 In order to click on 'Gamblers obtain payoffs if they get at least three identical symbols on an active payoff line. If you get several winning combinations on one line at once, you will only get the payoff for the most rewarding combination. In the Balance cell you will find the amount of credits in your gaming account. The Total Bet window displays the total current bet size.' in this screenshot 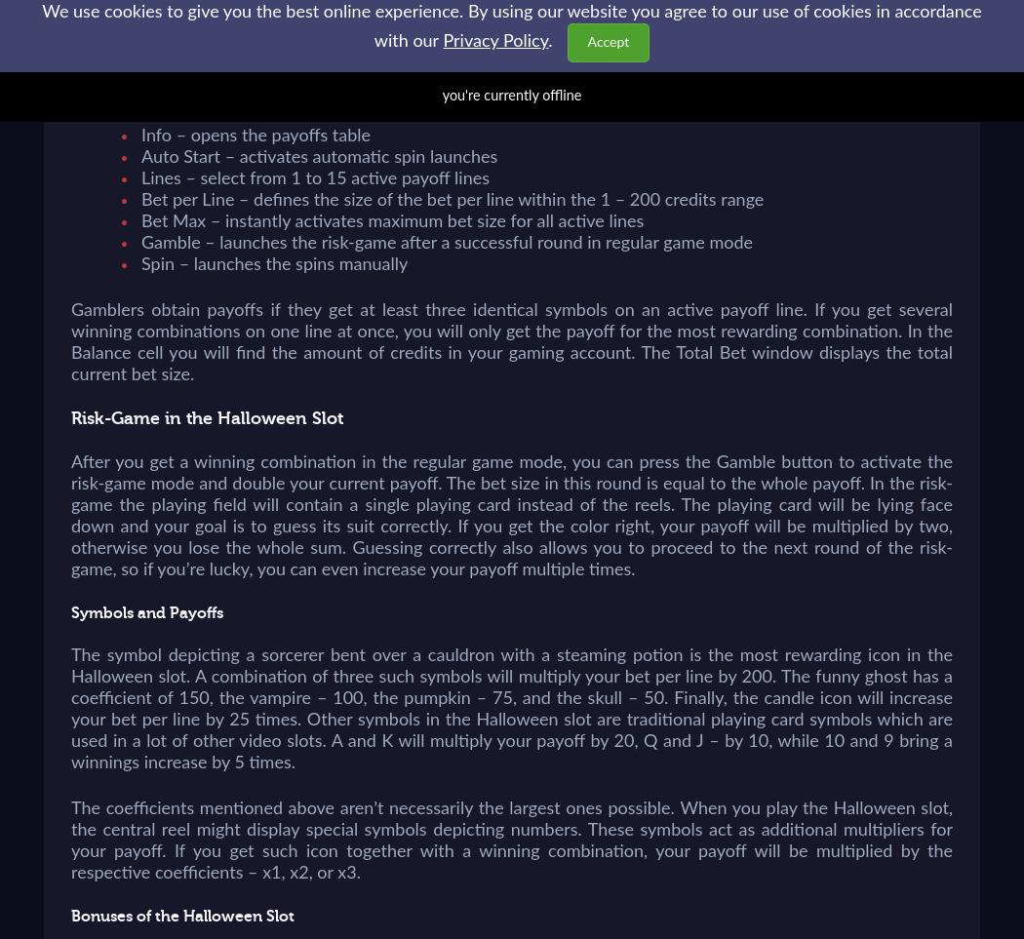, I will do `click(512, 341)`.